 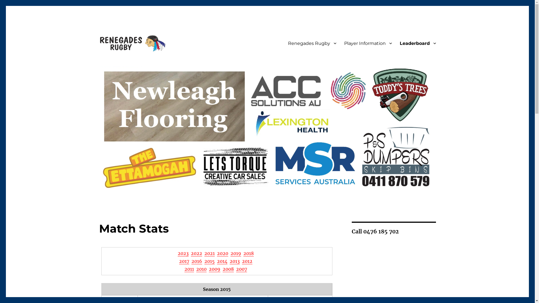 I want to click on '2014', so click(x=222, y=261).